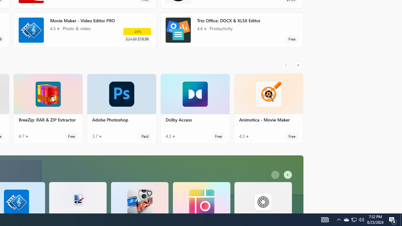 This screenshot has height=226, width=402. I want to click on 'AutomationID: LeftScrollButton', so click(276, 175).